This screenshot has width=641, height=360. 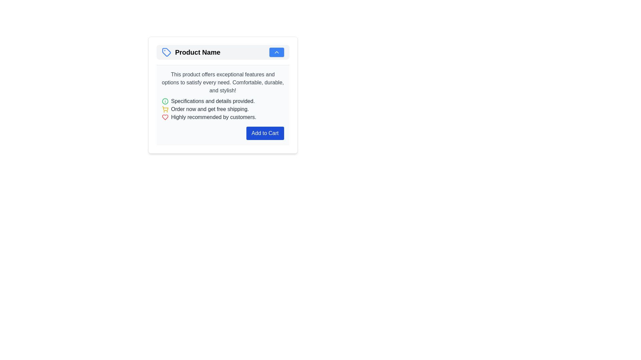 What do you see at coordinates (209, 109) in the screenshot?
I see `the promotional offer text located under the product description section, positioned as the second item in a list of bullet points, for copying` at bounding box center [209, 109].